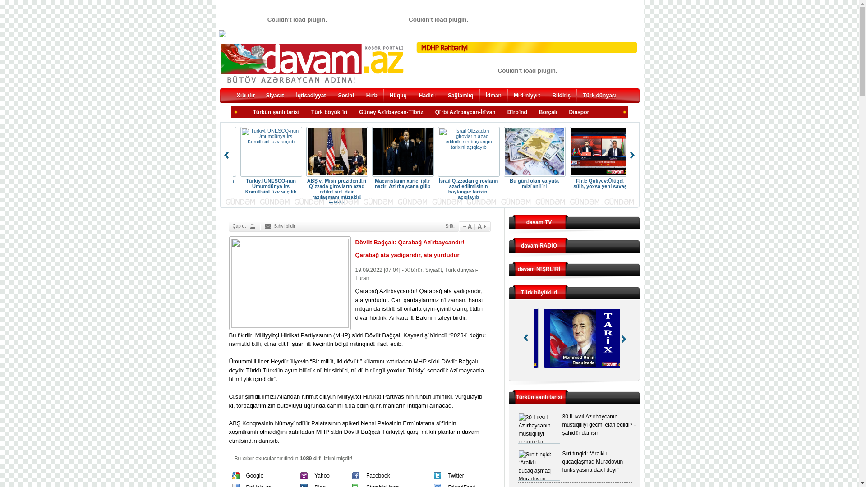 The height and width of the screenshot is (487, 866). What do you see at coordinates (254, 475) in the screenshot?
I see `'Google'` at bounding box center [254, 475].